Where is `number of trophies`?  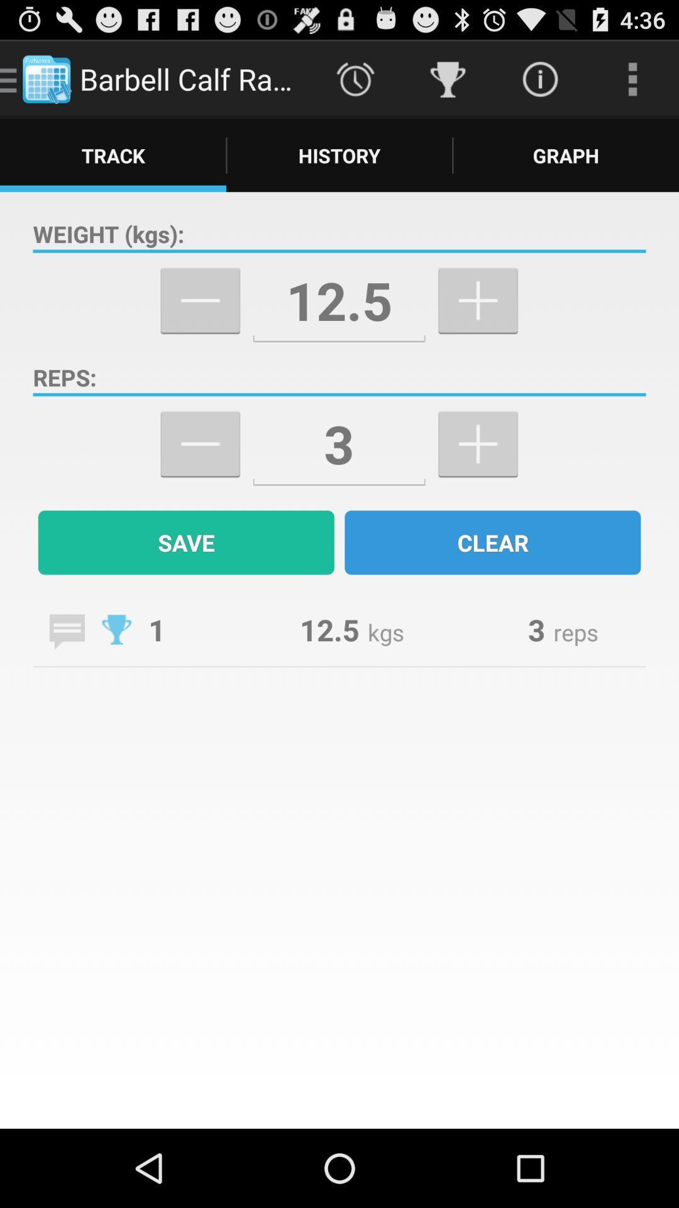 number of trophies is located at coordinates (116, 629).